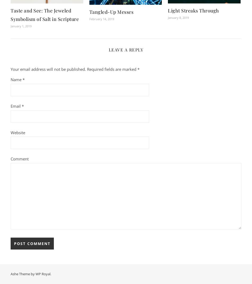 The image size is (252, 284). I want to click on '.', so click(50, 274).